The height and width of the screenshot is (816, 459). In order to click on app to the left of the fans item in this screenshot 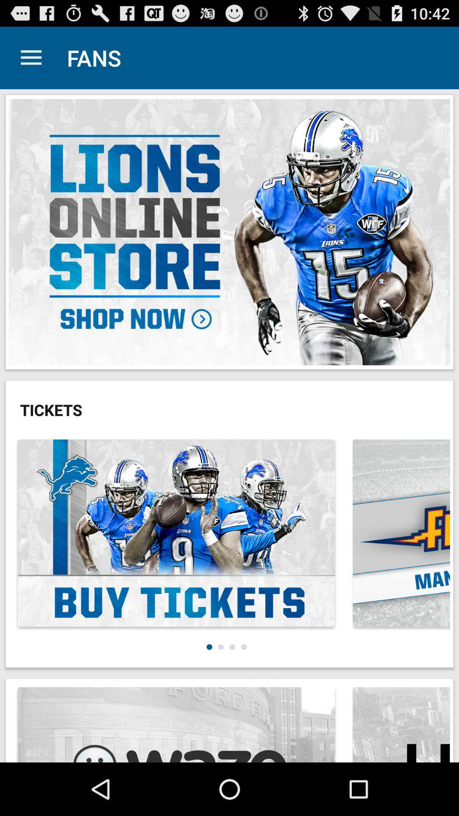, I will do `click(31, 57)`.